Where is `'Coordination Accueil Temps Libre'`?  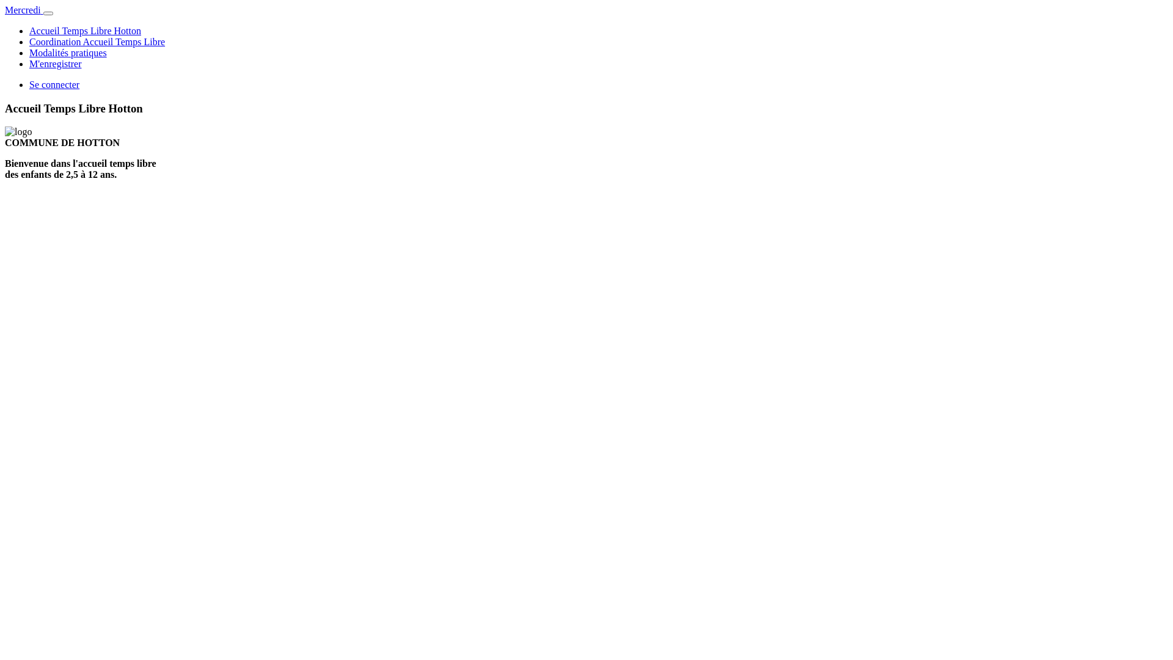 'Coordination Accueil Temps Libre' is located at coordinates (96, 41).